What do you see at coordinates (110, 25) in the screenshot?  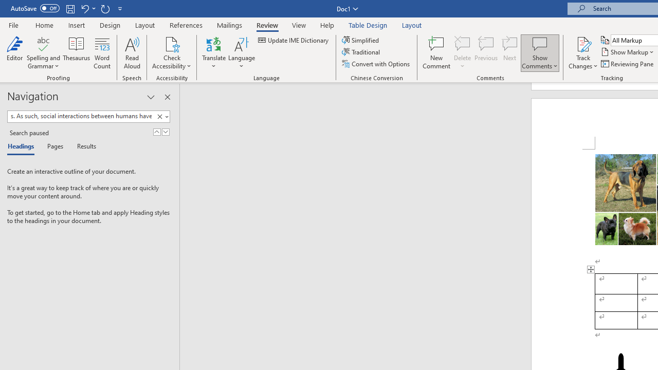 I see `'Design'` at bounding box center [110, 25].